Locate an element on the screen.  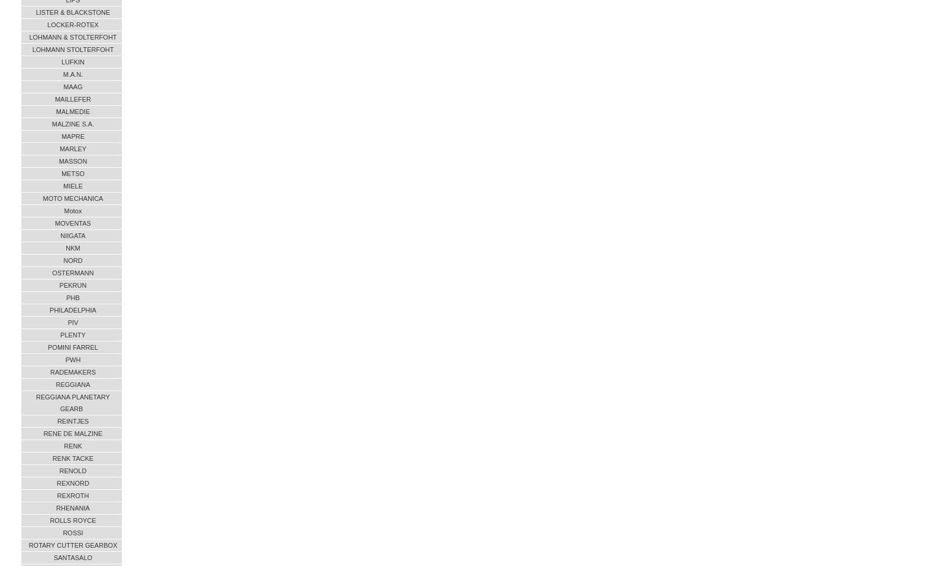
'OSTERMANN' is located at coordinates (72, 273).